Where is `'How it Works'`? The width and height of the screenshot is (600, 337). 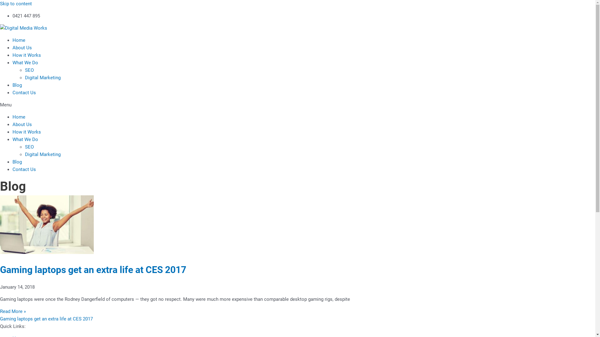
'How it Works' is located at coordinates (26, 132).